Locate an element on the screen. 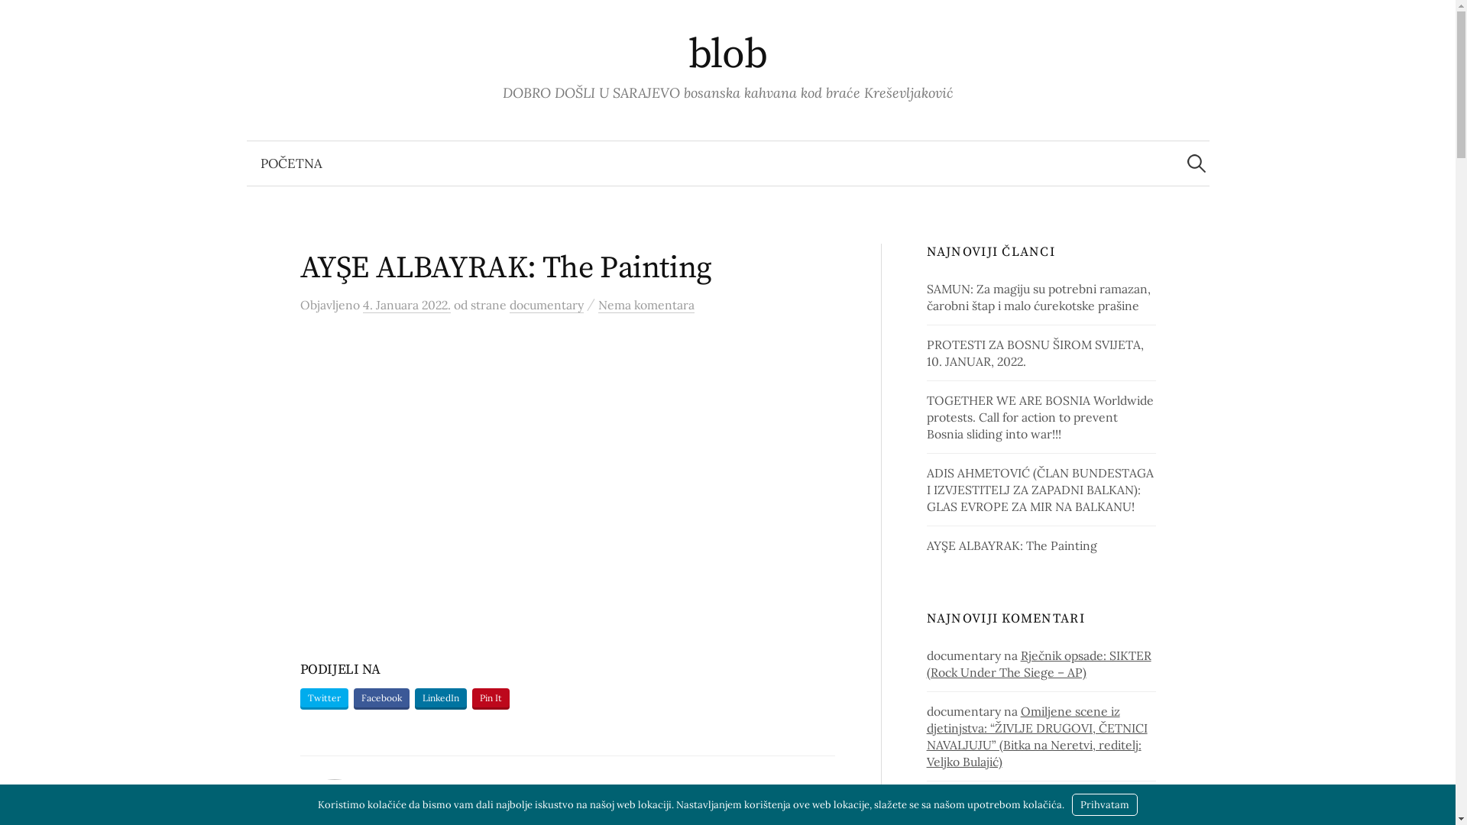  'Twitter' is located at coordinates (322, 698).